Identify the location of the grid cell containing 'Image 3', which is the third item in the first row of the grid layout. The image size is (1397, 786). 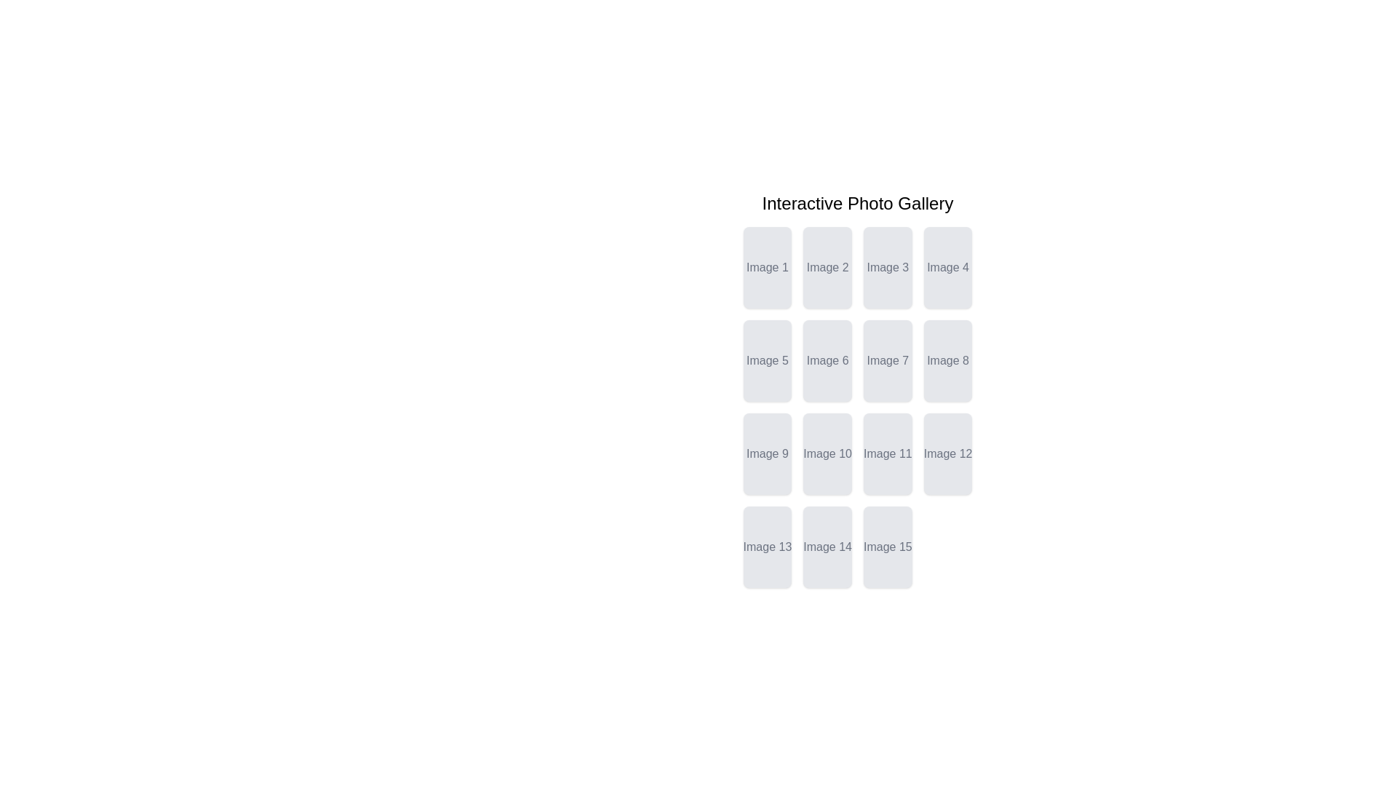
(887, 267).